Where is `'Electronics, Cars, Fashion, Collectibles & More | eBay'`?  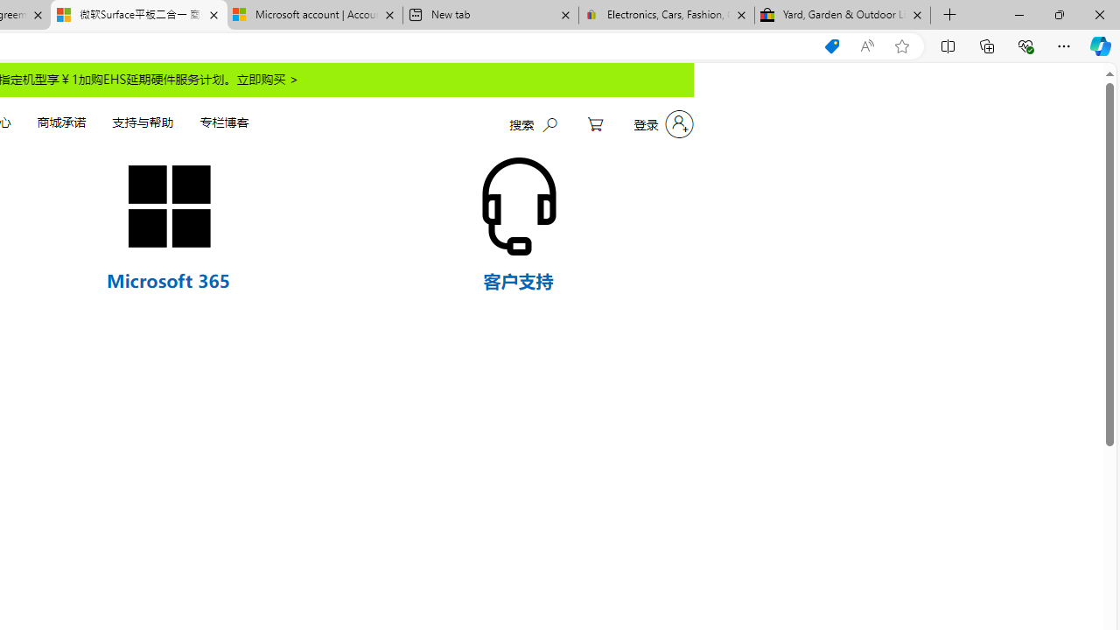 'Electronics, Cars, Fashion, Collectibles & More | eBay' is located at coordinates (665, 15).